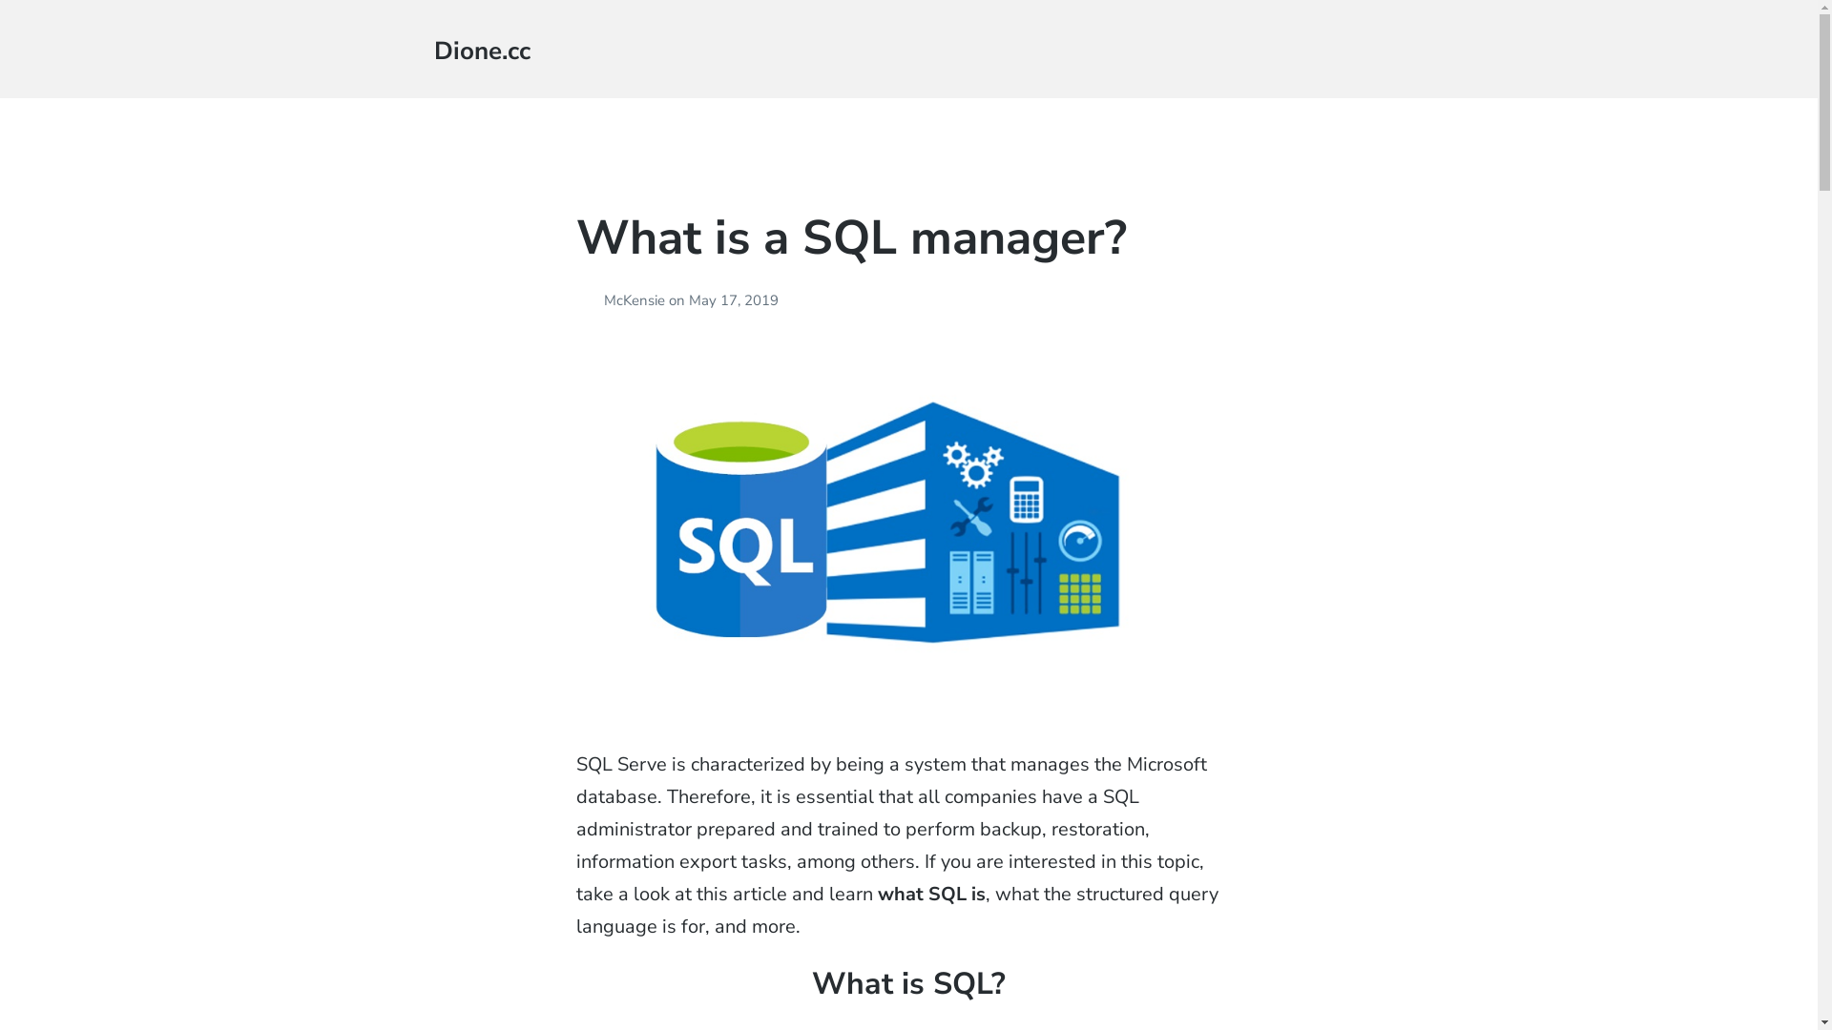 This screenshot has width=1832, height=1030. What do you see at coordinates (589, 300) in the screenshot?
I see `'Posts by McKensie'` at bounding box center [589, 300].